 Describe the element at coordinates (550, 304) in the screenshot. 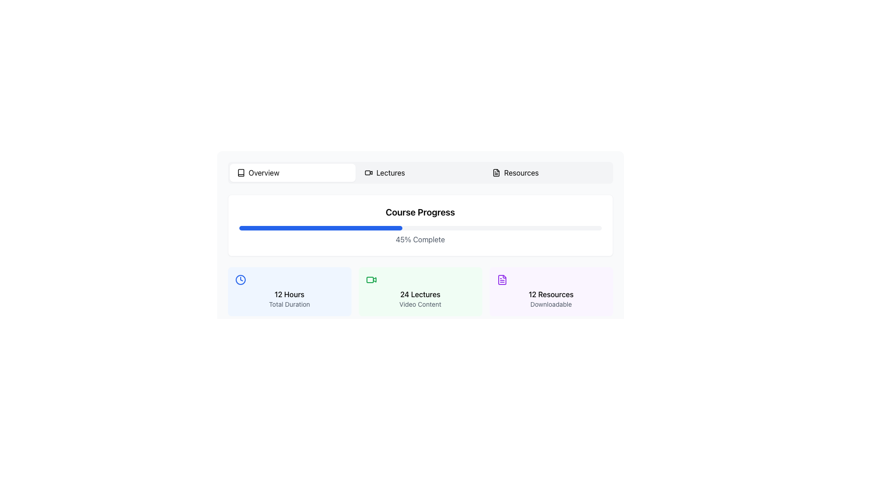

I see `the text label located at the bottom of the '12 Resources' card, which is the rightmost card in a three-card layout` at that location.